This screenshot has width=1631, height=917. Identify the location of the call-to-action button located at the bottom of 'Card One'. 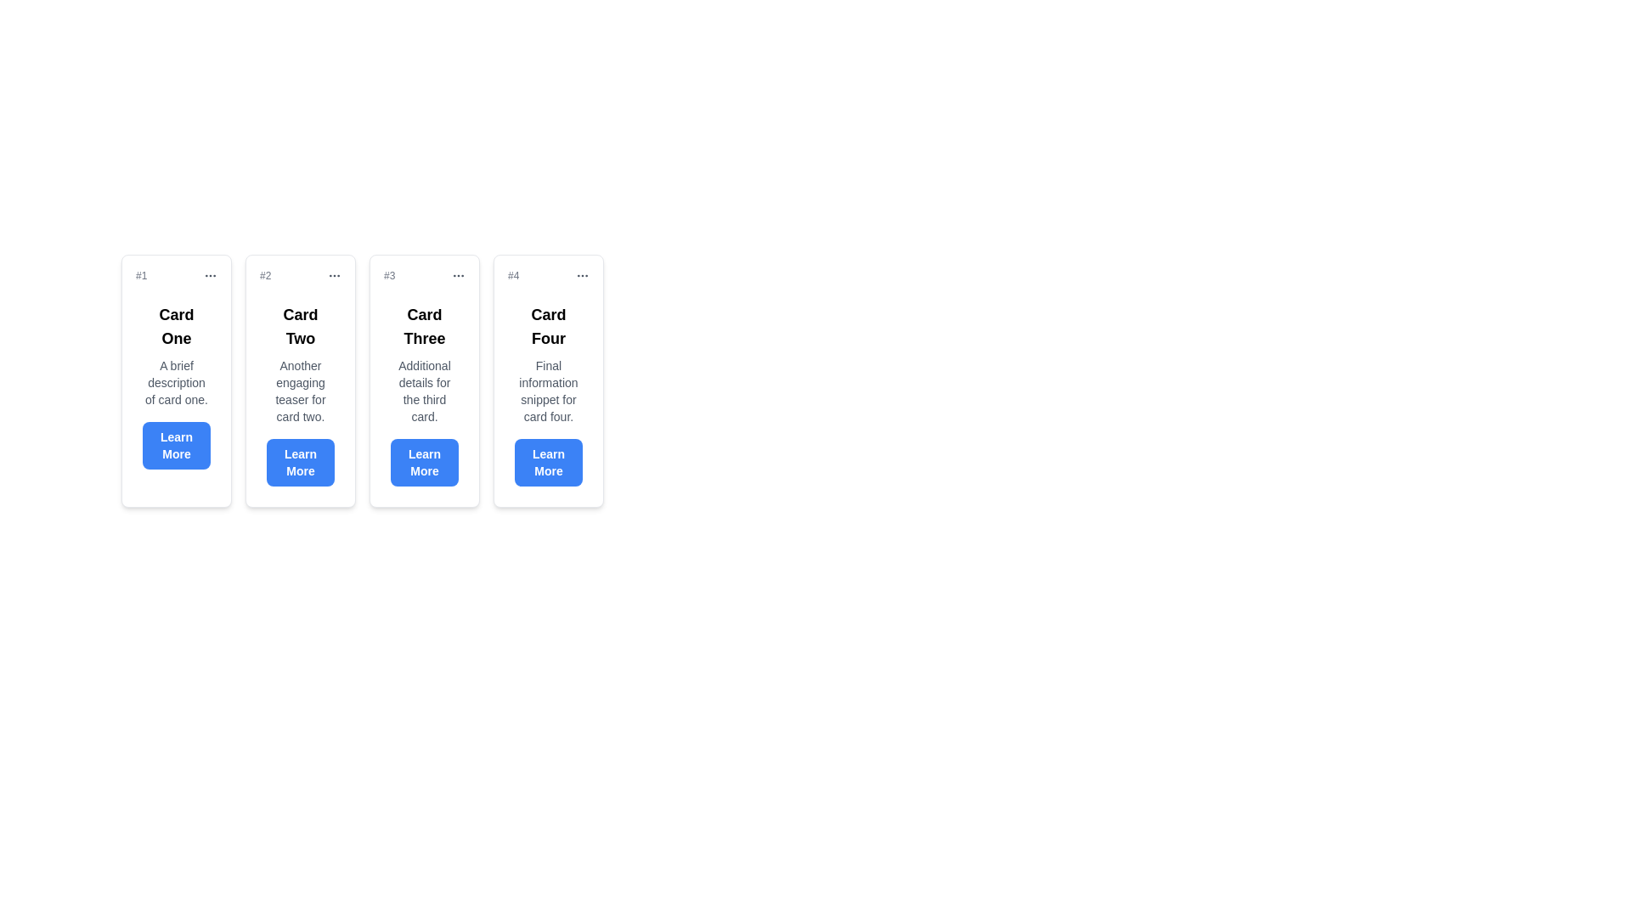
(176, 444).